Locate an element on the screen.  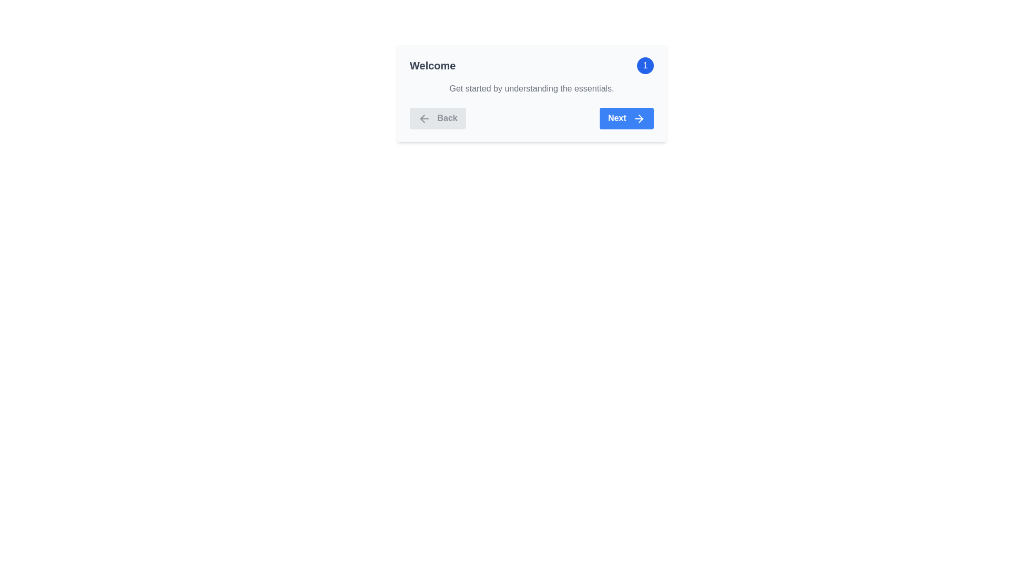
the backward navigation icon located on the left side of the 'Back' button is located at coordinates (422, 118).